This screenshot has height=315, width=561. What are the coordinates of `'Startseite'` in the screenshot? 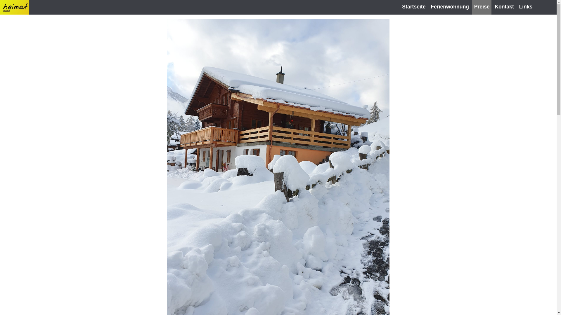 It's located at (413, 7).